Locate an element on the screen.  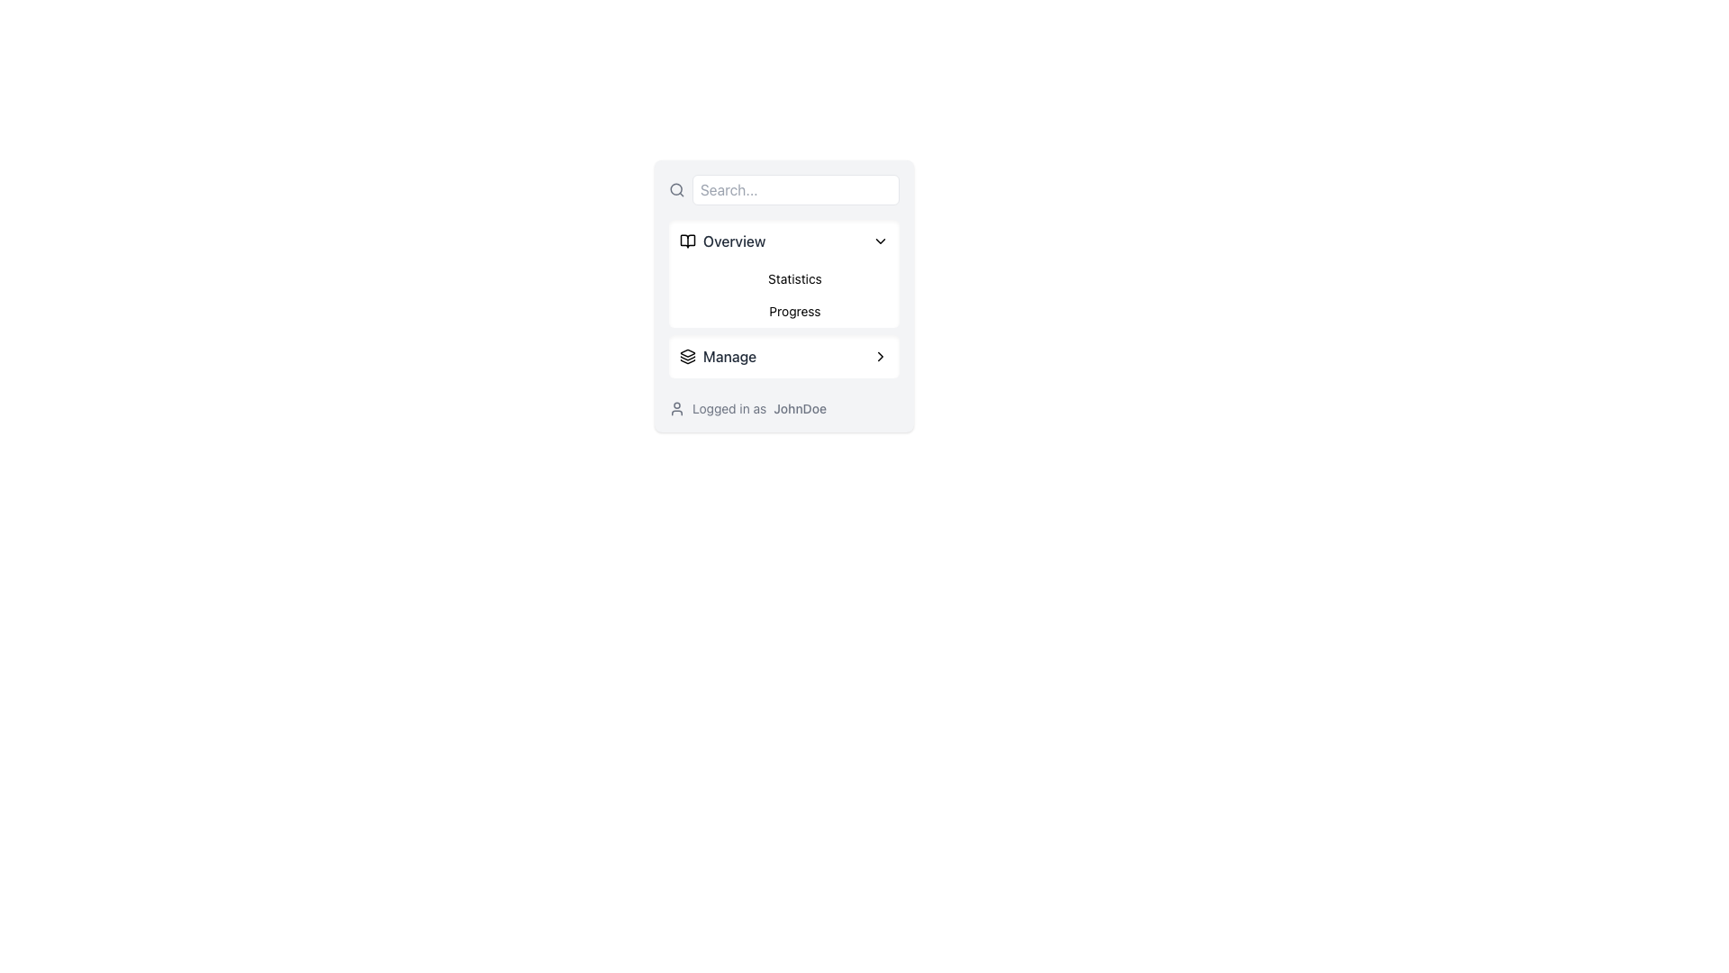
the 'Overview' navigational menu item, which is a Label with icon located near the top-left corner of the interface is located at coordinates (722, 240).